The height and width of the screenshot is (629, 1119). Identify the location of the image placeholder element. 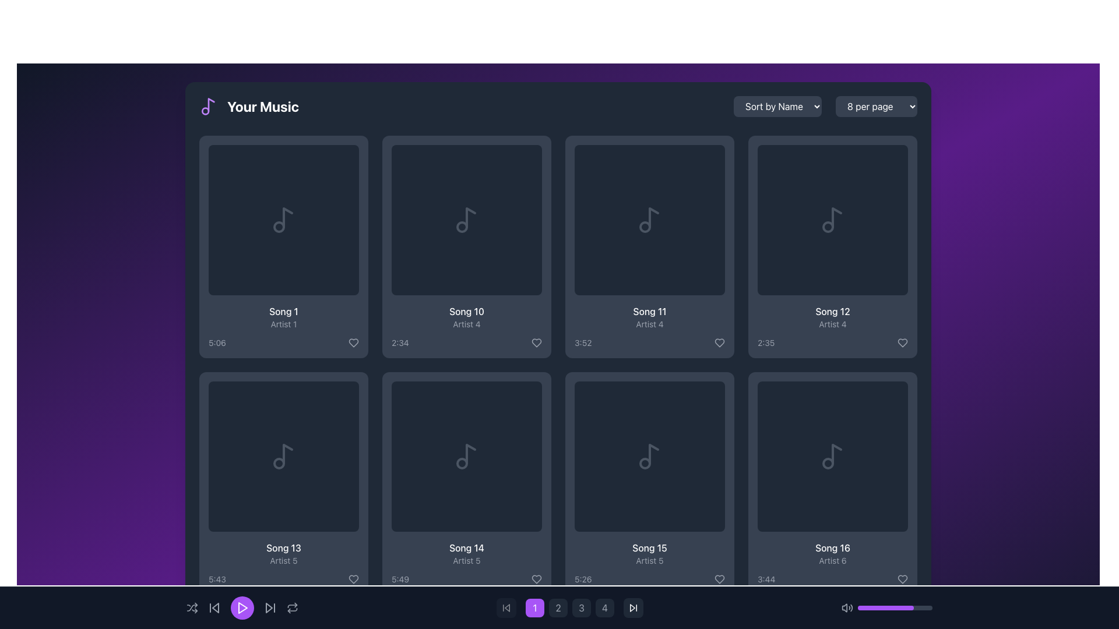
(467, 220).